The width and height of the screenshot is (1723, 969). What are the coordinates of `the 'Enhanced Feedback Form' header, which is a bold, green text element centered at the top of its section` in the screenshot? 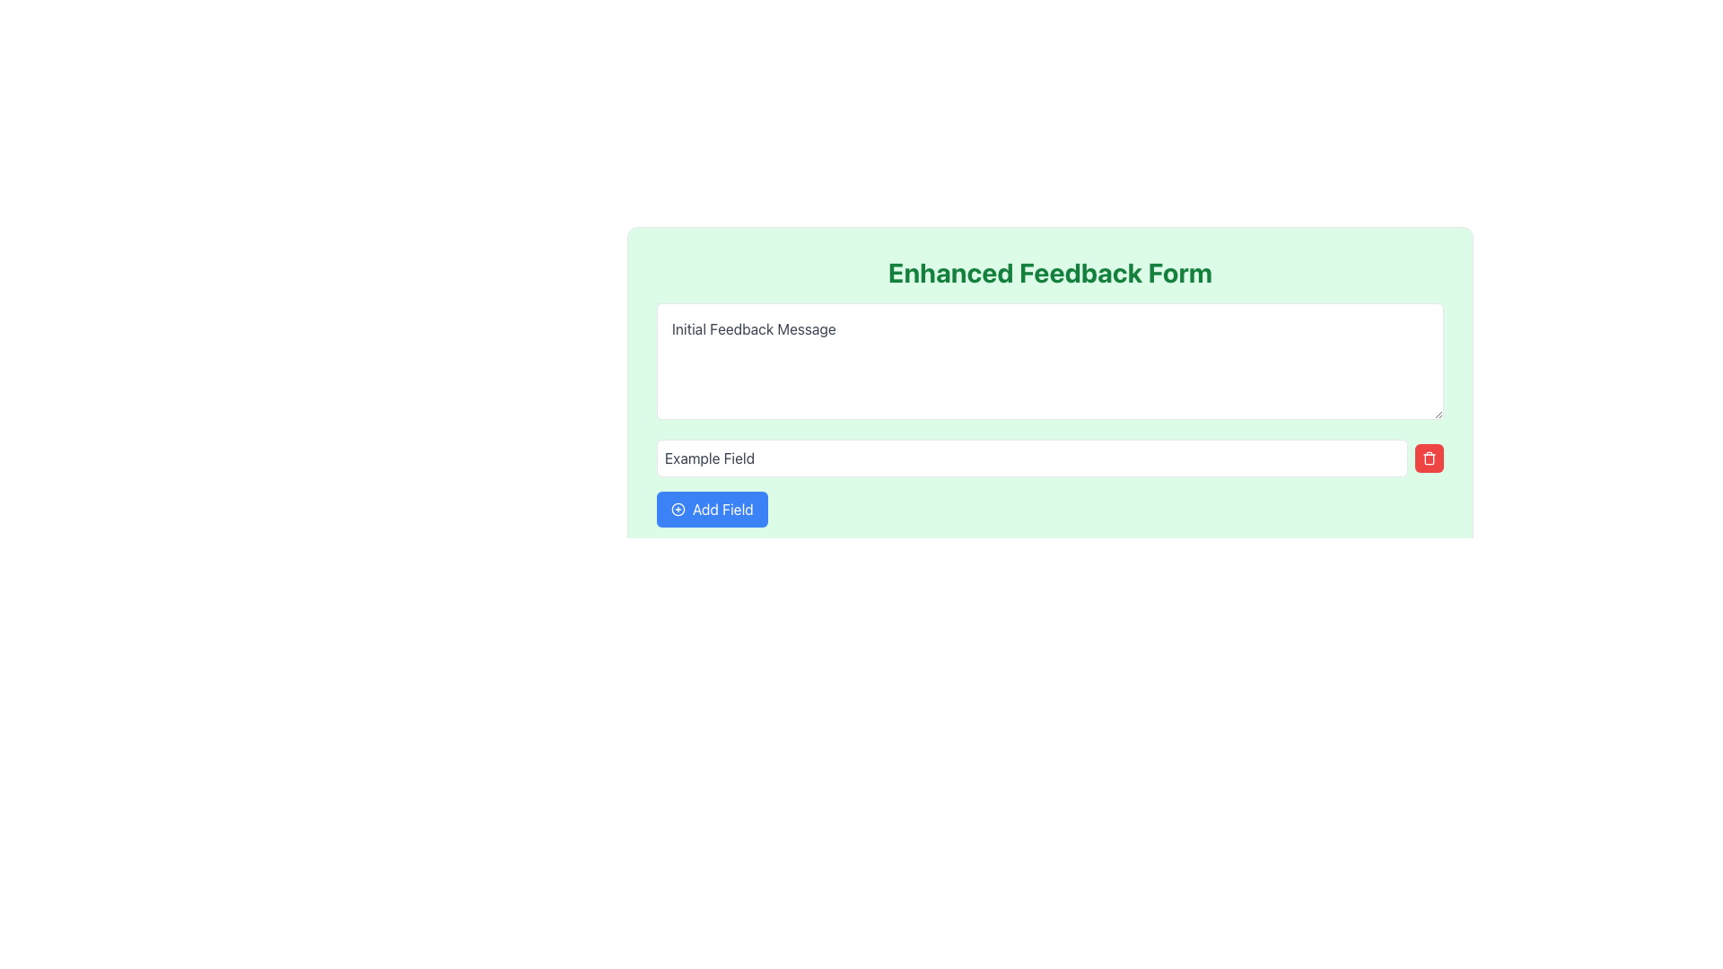 It's located at (1050, 273).